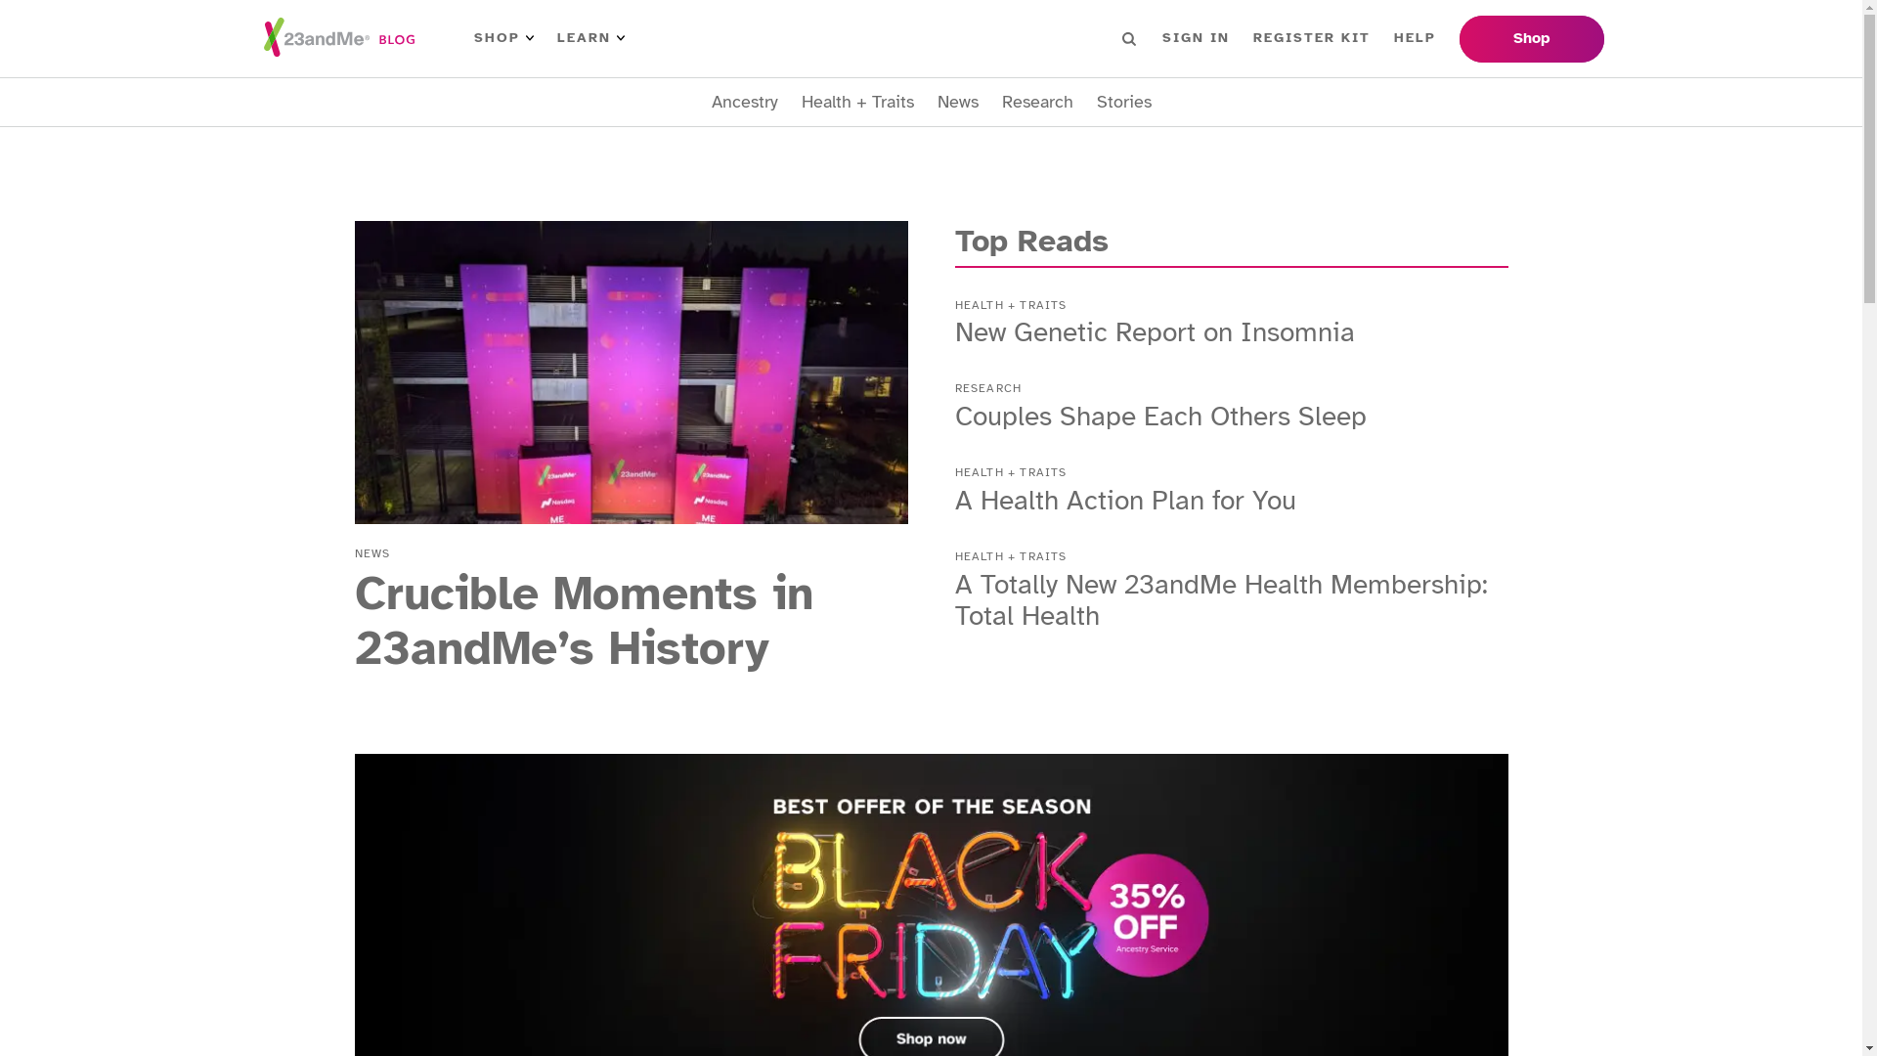 The width and height of the screenshot is (1877, 1056). I want to click on 'SHOP', so click(502, 37).